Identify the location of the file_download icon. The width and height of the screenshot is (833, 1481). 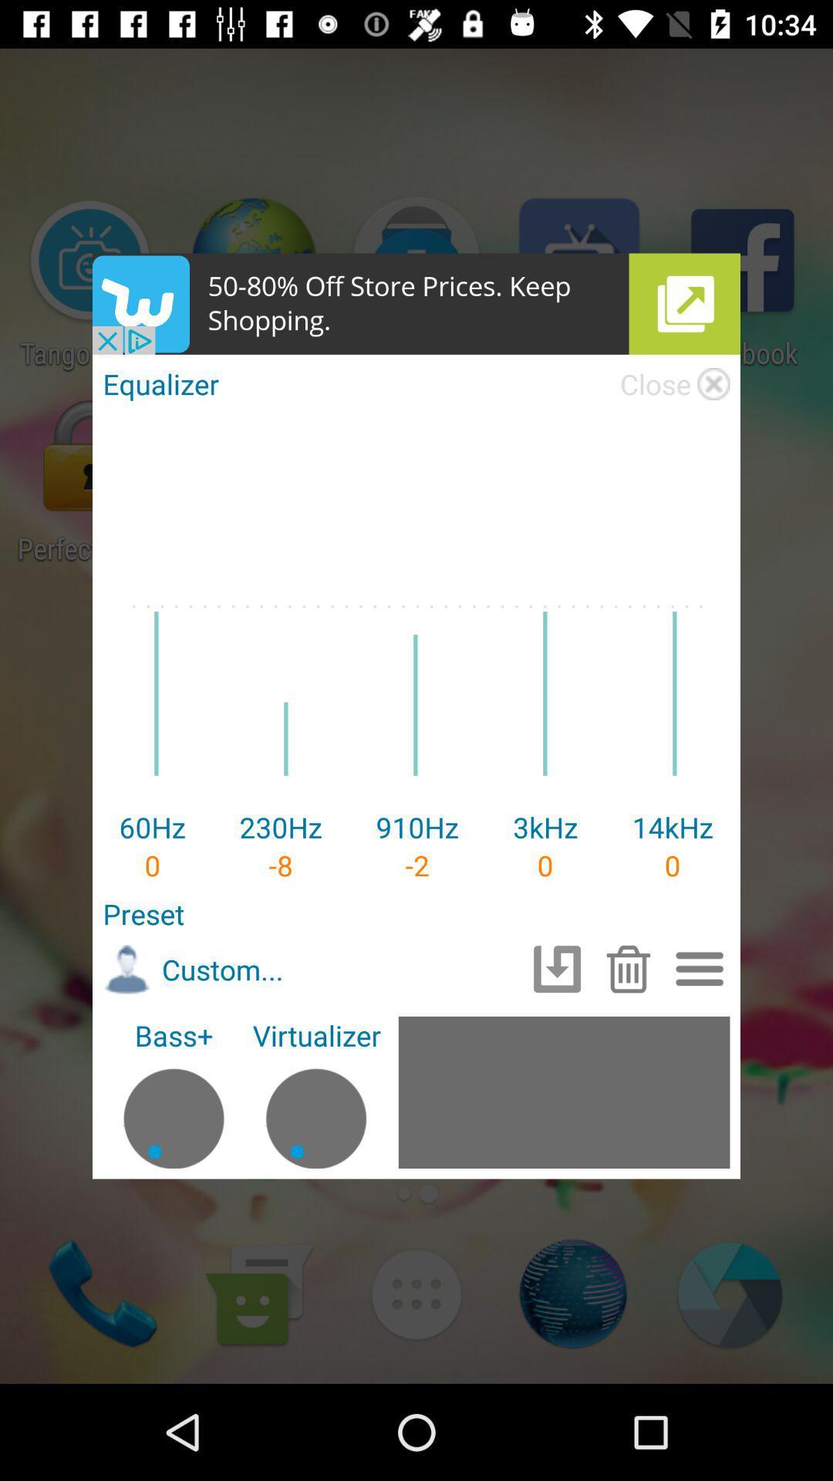
(557, 968).